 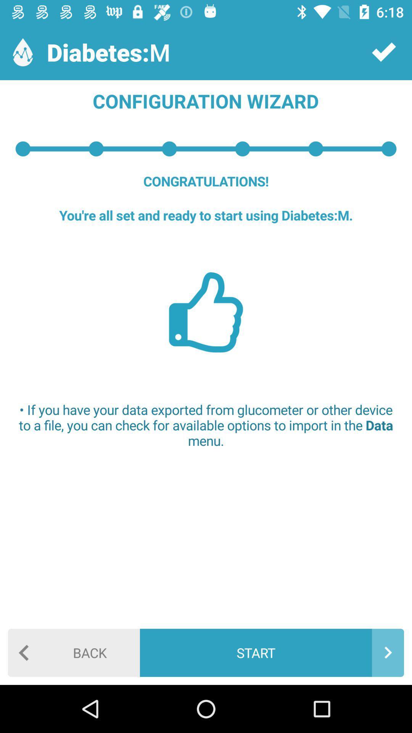 I want to click on the item below the if you have item, so click(x=74, y=652).